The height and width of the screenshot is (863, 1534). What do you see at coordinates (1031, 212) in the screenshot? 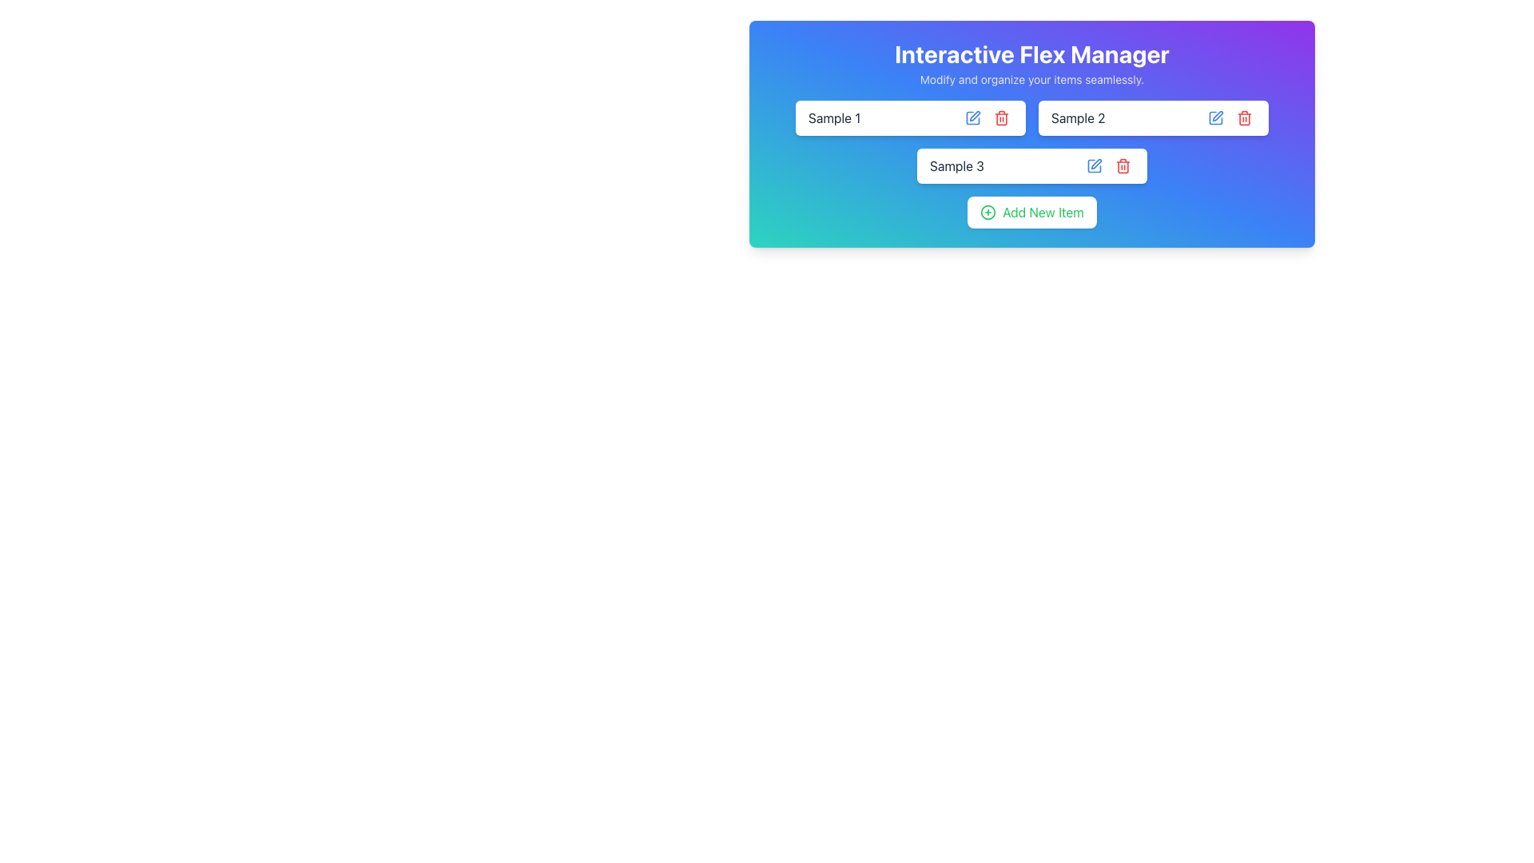
I see `the 'Add New Item' button located at the bottom of the 'Interactive Flex Manager' card, to the left of the center, below the listed items 'Sample 1', 'Sample 2', and 'Sample 3'` at bounding box center [1031, 212].